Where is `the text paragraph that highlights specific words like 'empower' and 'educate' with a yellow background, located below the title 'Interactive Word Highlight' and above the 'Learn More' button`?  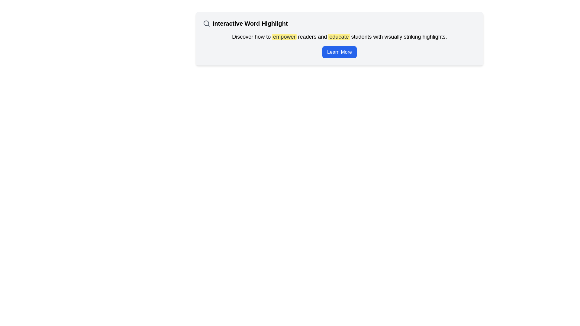
the text paragraph that highlights specific words like 'empower' and 'educate' with a yellow background, located below the title 'Interactive Word Highlight' and above the 'Learn More' button is located at coordinates (339, 37).